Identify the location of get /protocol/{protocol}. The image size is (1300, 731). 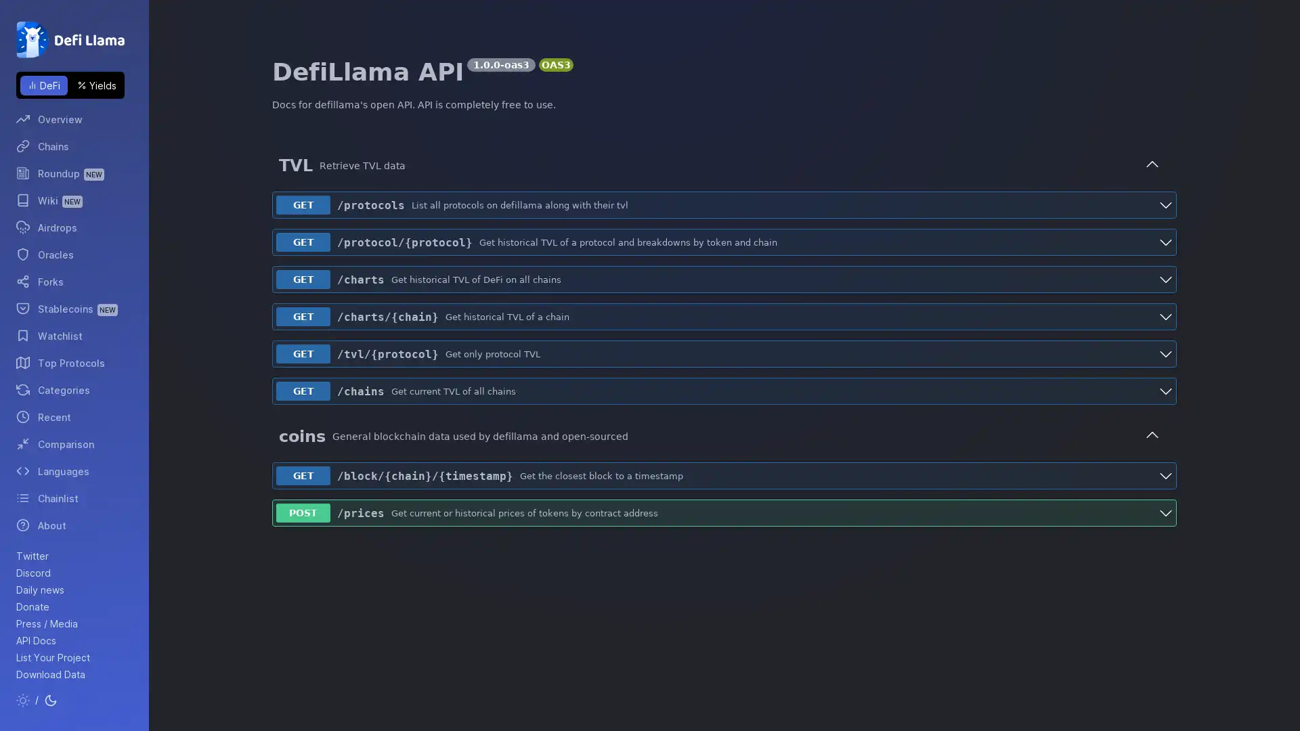
(724, 242).